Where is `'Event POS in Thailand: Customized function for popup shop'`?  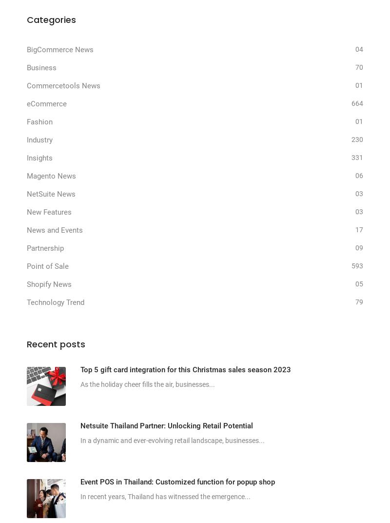 'Event POS in Thailand: Customized function for popup shop' is located at coordinates (177, 481).